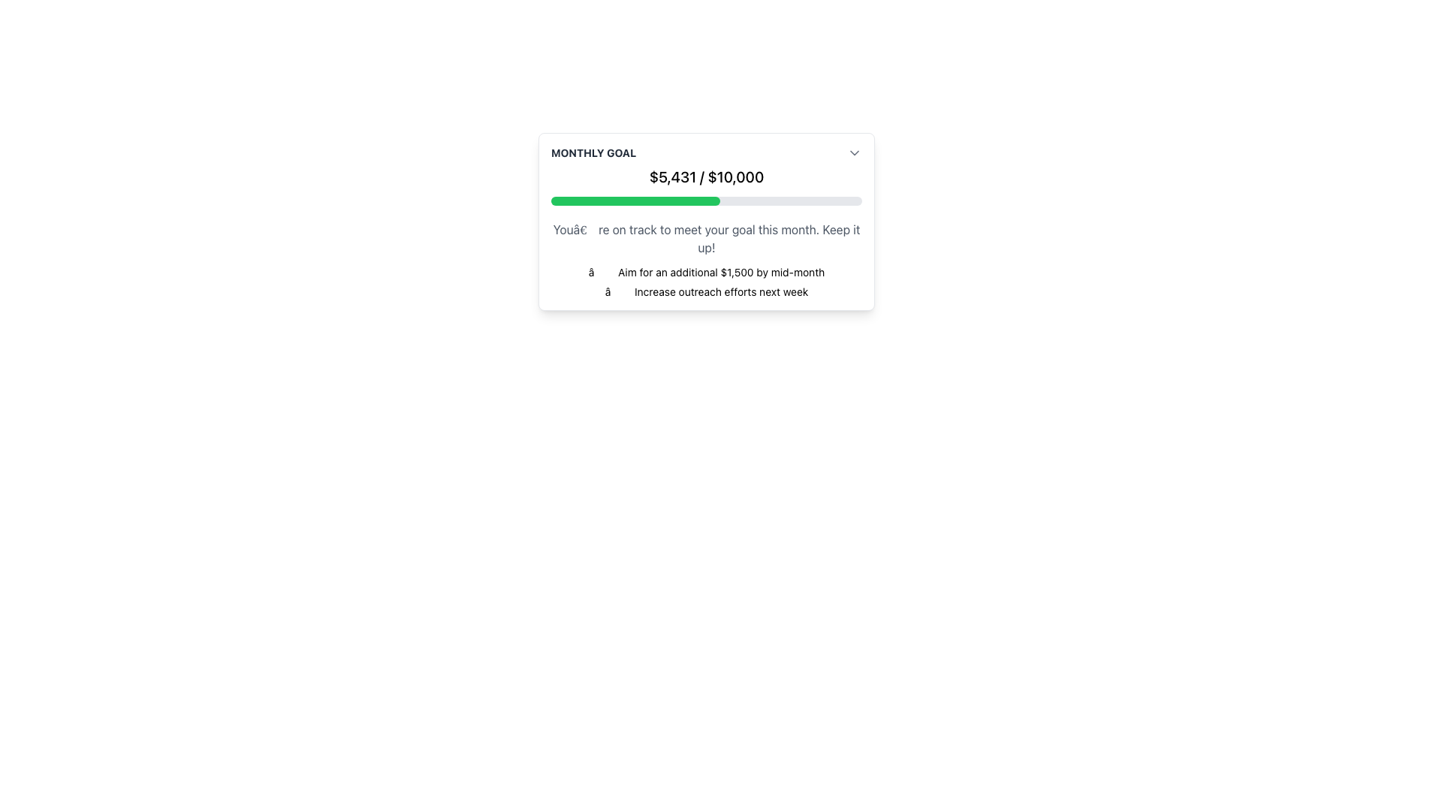 The height and width of the screenshot is (811, 1442). What do you see at coordinates (635, 200) in the screenshot?
I see `the Progress Bar Segment that visually represents the current progress in fulfilling a goal, which fills approximately the first 54% of the horizontal progress bar` at bounding box center [635, 200].